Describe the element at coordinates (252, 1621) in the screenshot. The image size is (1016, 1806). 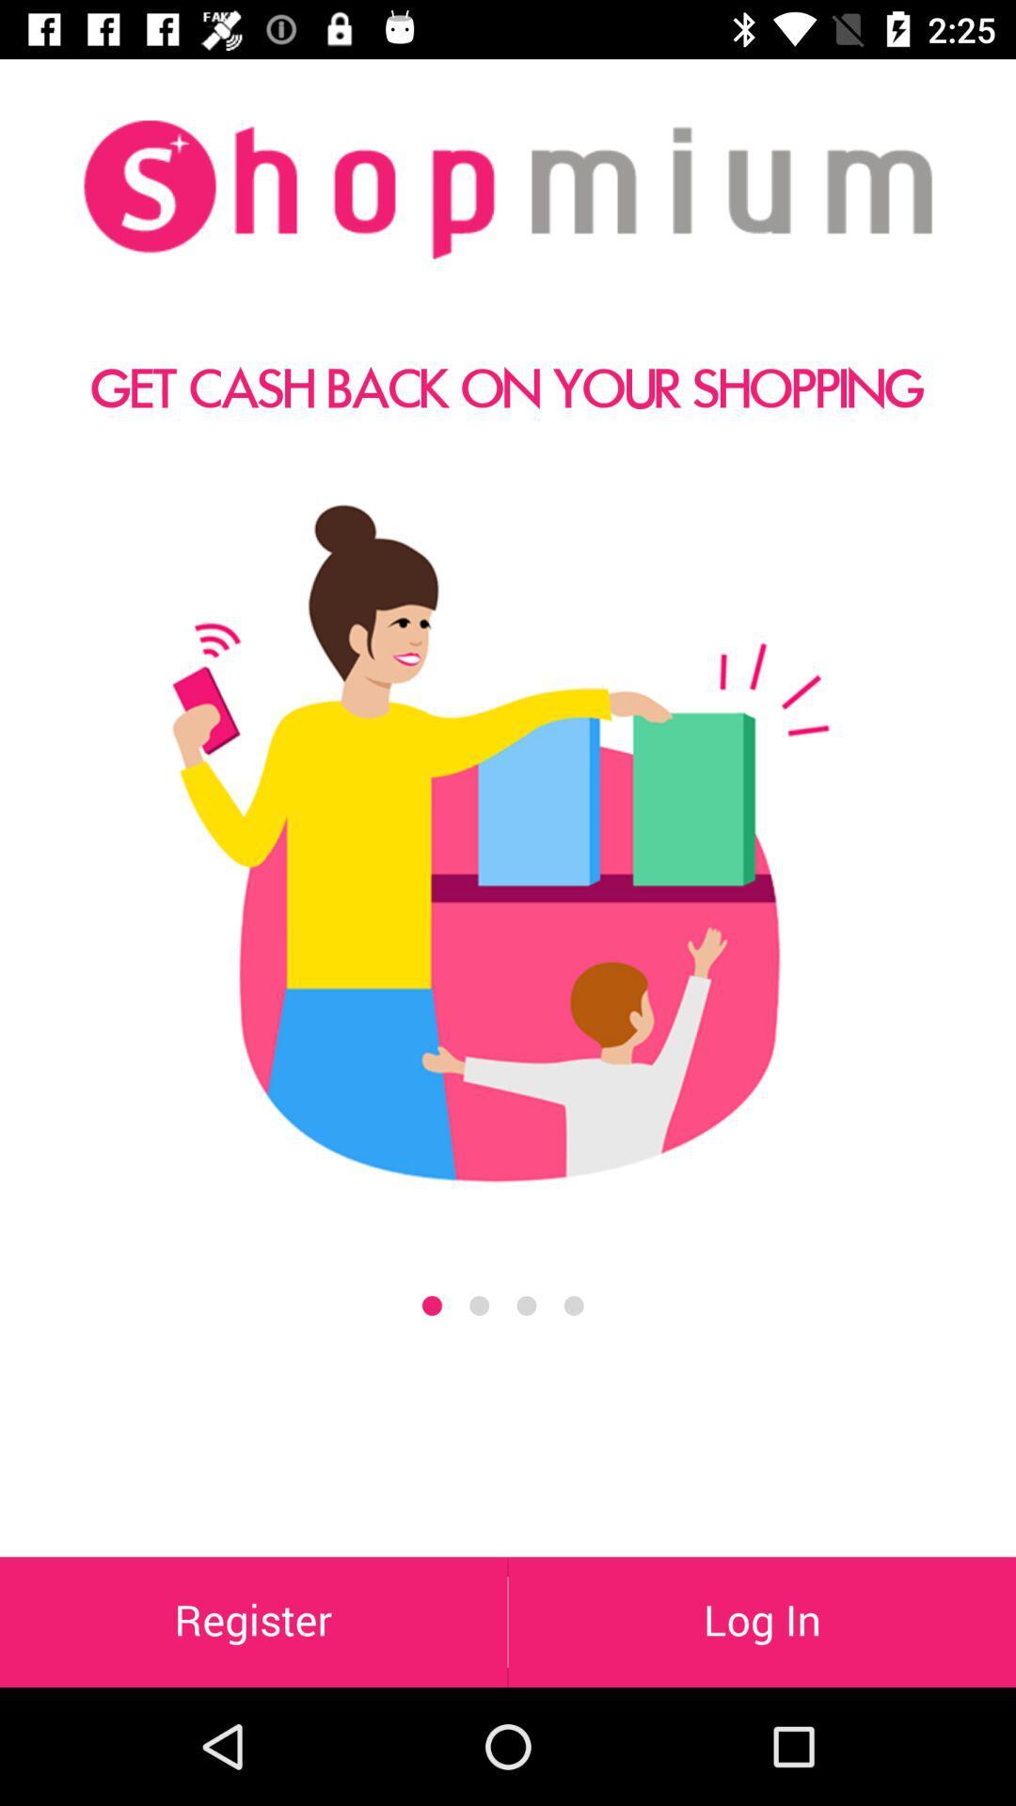
I see `the register icon` at that location.